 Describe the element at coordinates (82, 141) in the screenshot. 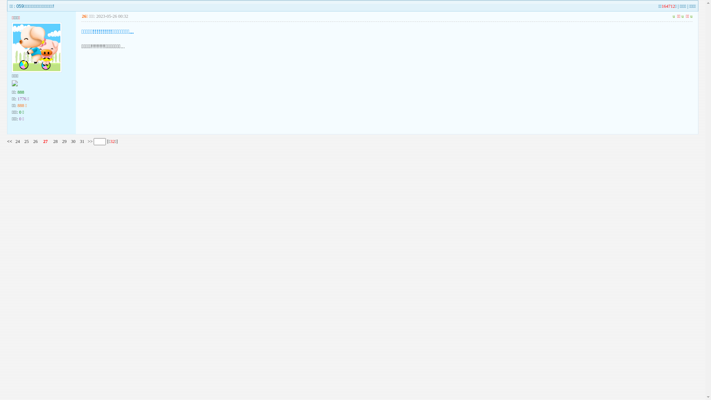

I see `'31'` at that location.